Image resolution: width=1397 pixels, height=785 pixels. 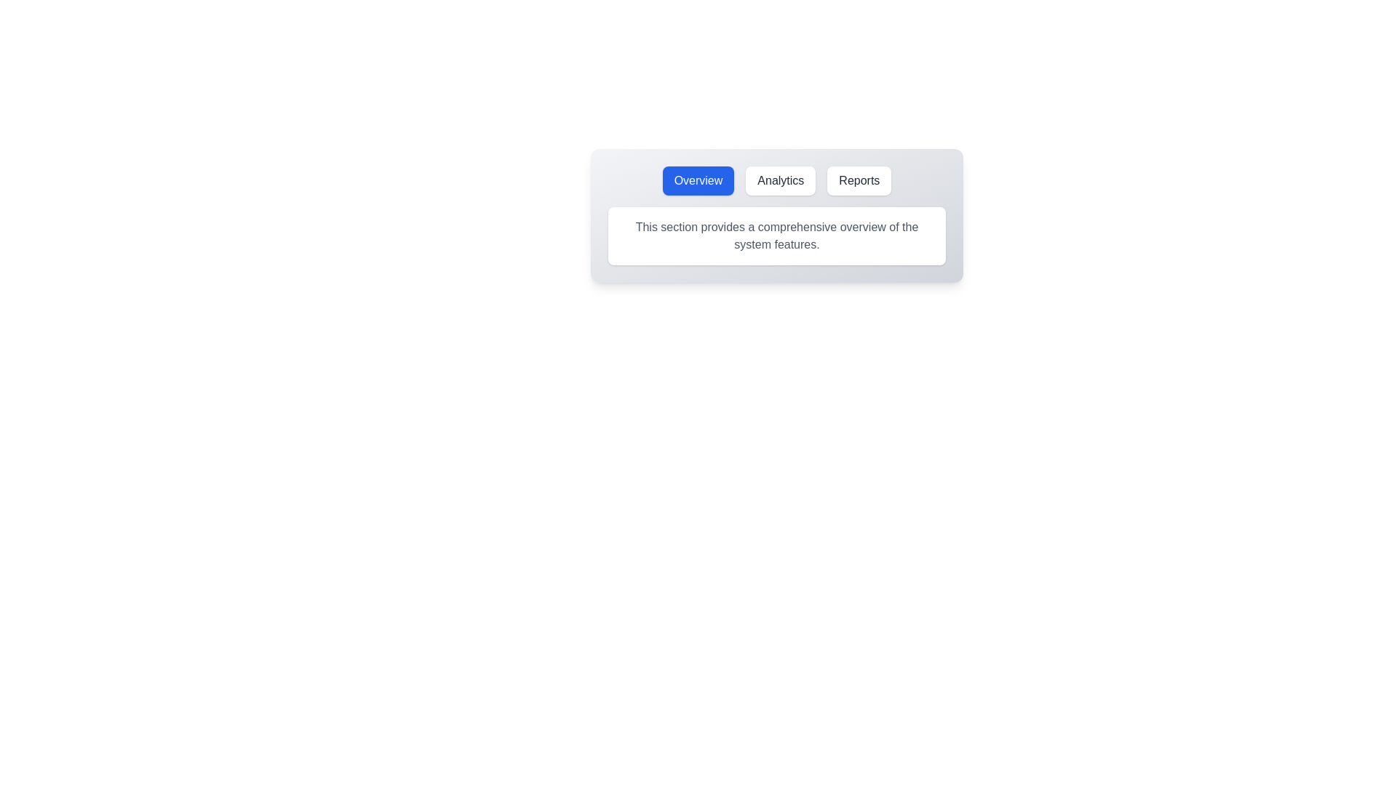 What do you see at coordinates (780, 180) in the screenshot?
I see `the tab labeled Analytics to observe its hover effect` at bounding box center [780, 180].